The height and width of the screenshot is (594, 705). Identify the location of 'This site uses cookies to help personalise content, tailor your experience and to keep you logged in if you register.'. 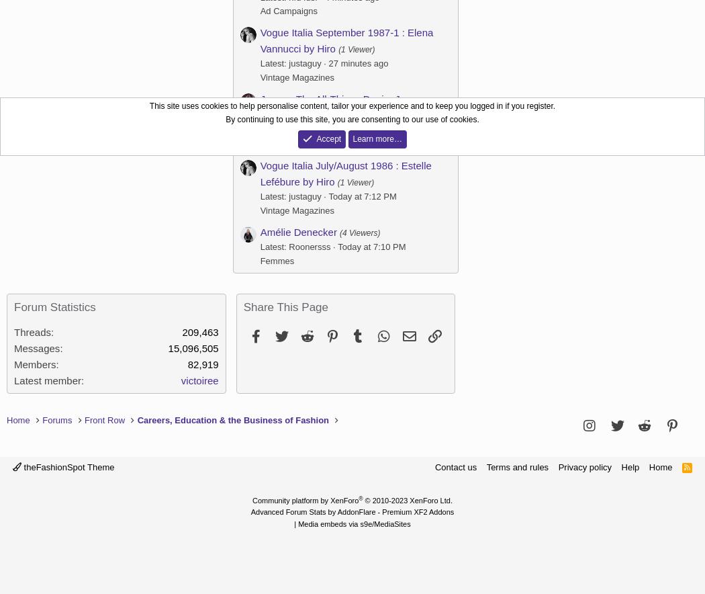
(351, 105).